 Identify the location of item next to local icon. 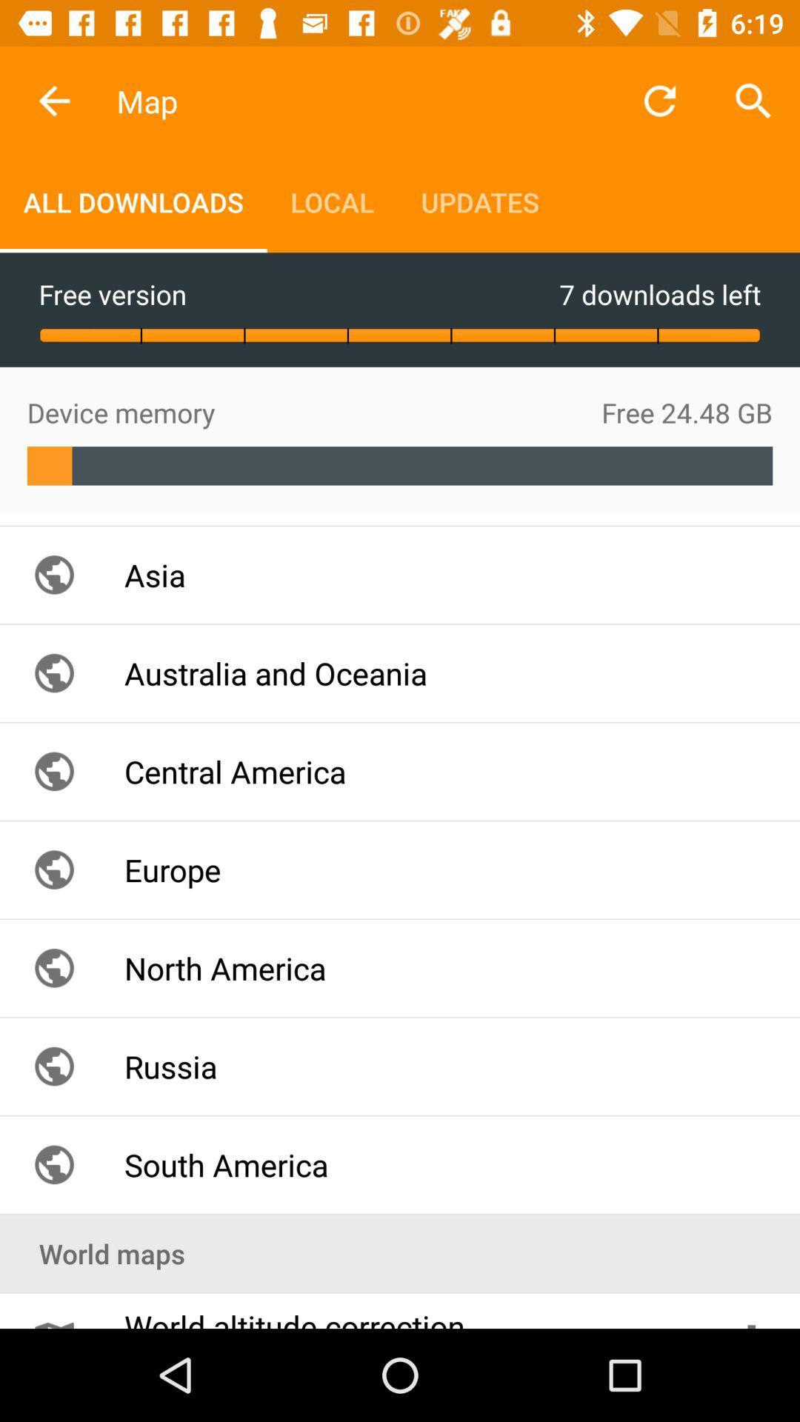
(480, 201).